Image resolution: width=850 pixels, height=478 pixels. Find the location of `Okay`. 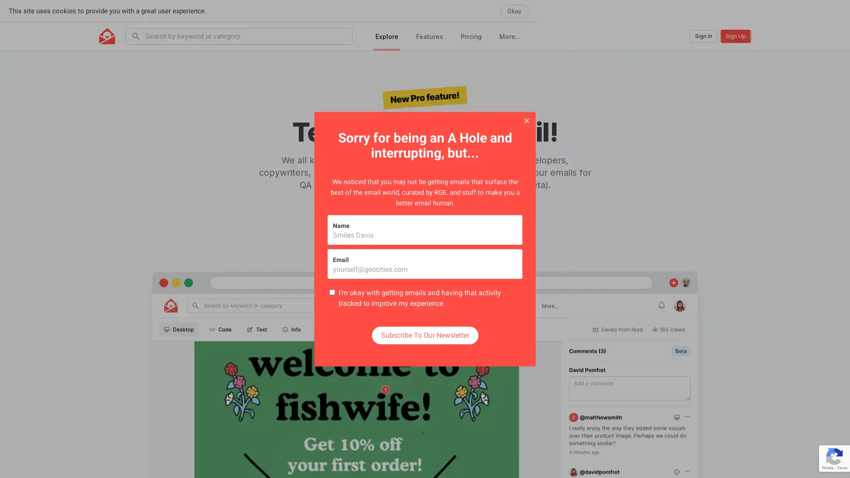

Okay is located at coordinates (826, 10).